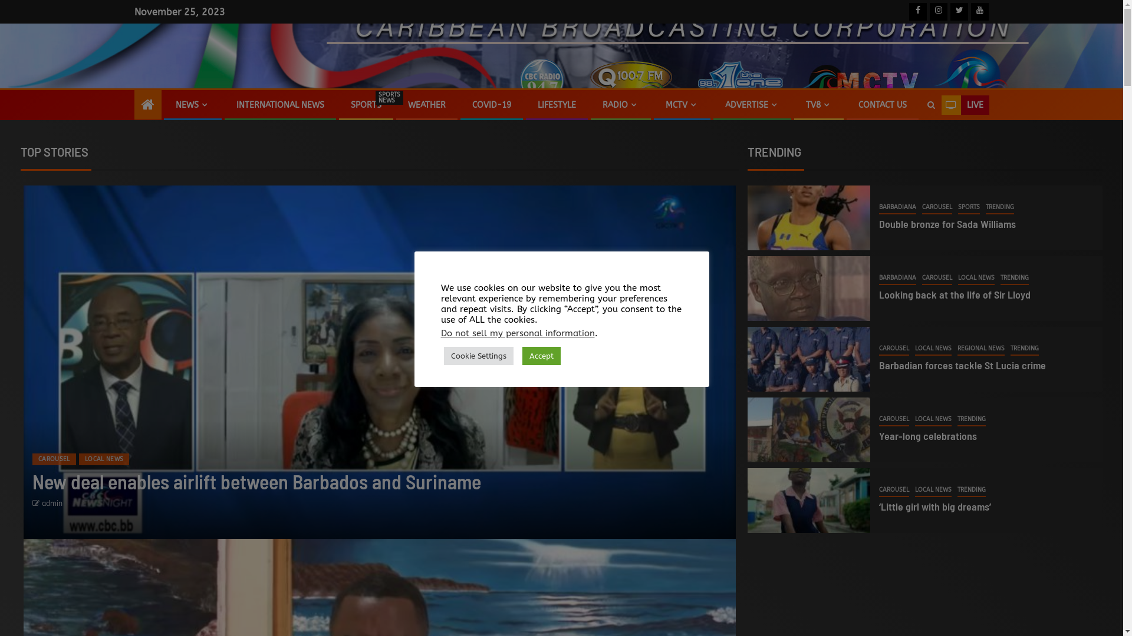  What do you see at coordinates (933, 419) in the screenshot?
I see `'LOCAL NEWS'` at bounding box center [933, 419].